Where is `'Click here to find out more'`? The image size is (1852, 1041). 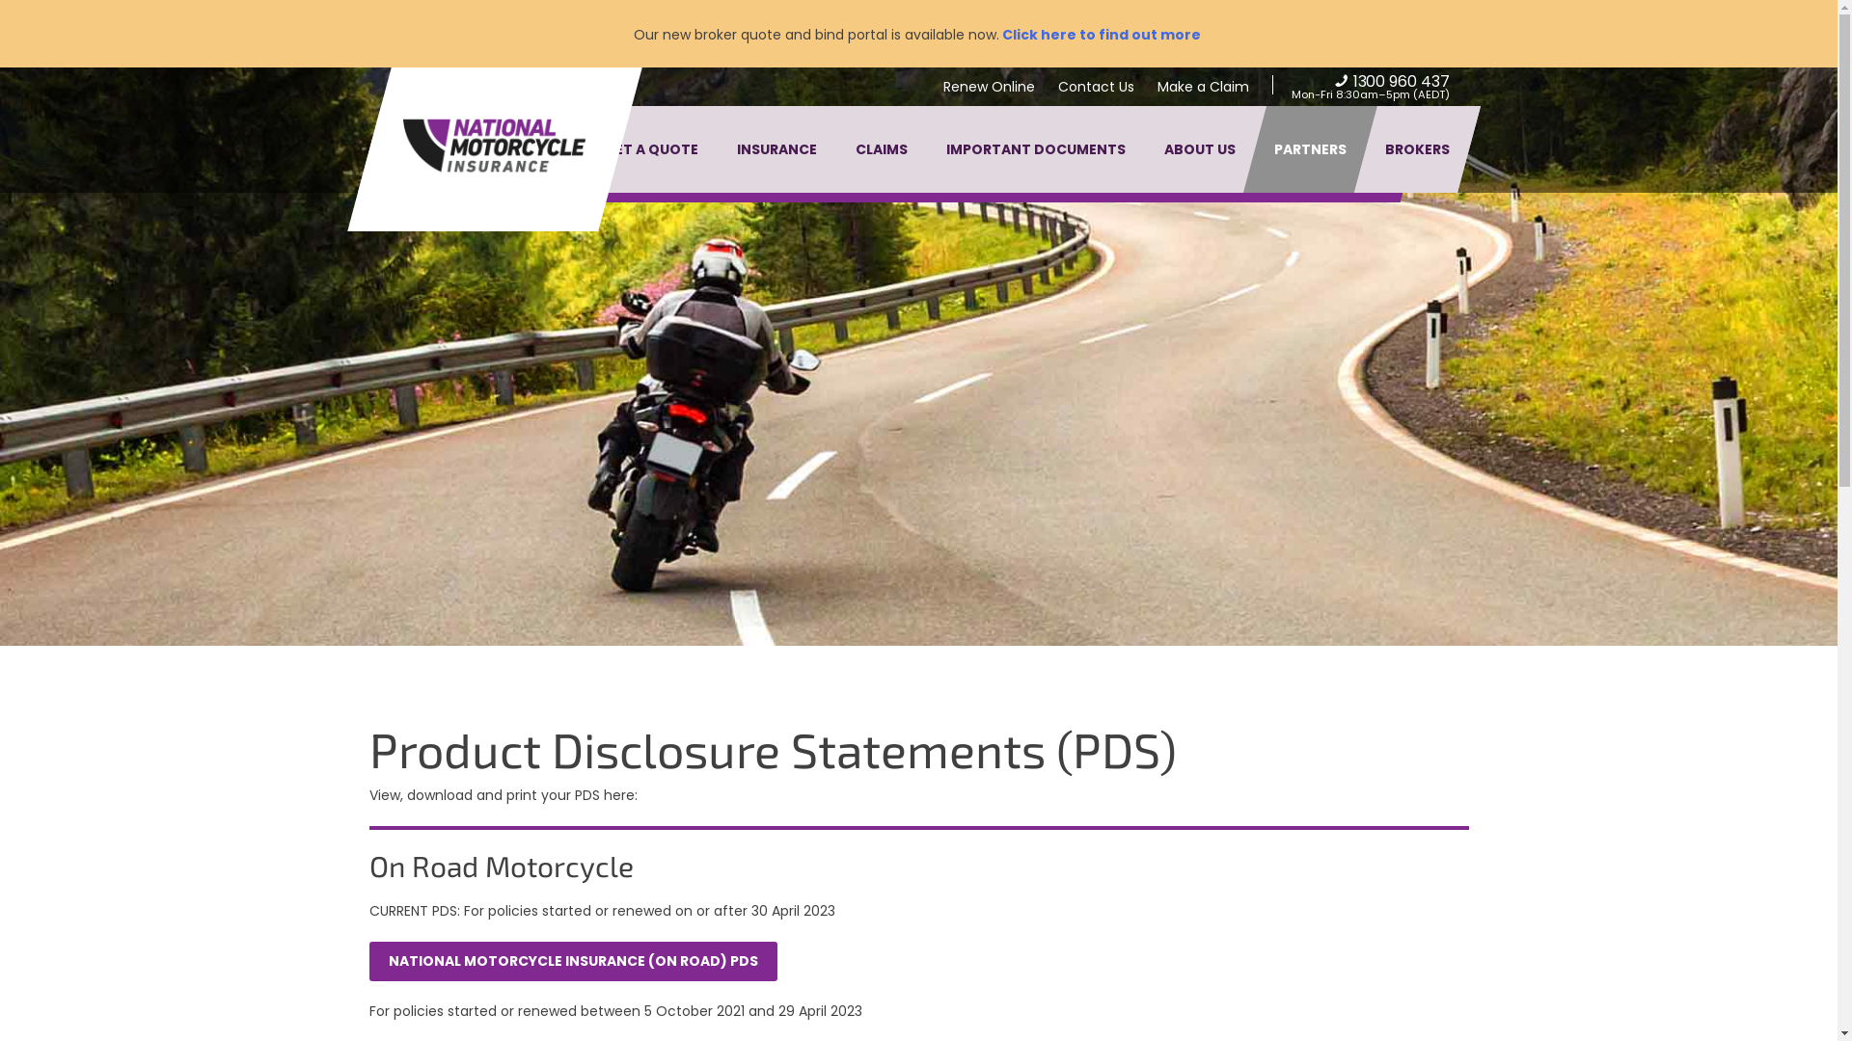
'Click here to find out more' is located at coordinates (999, 34).